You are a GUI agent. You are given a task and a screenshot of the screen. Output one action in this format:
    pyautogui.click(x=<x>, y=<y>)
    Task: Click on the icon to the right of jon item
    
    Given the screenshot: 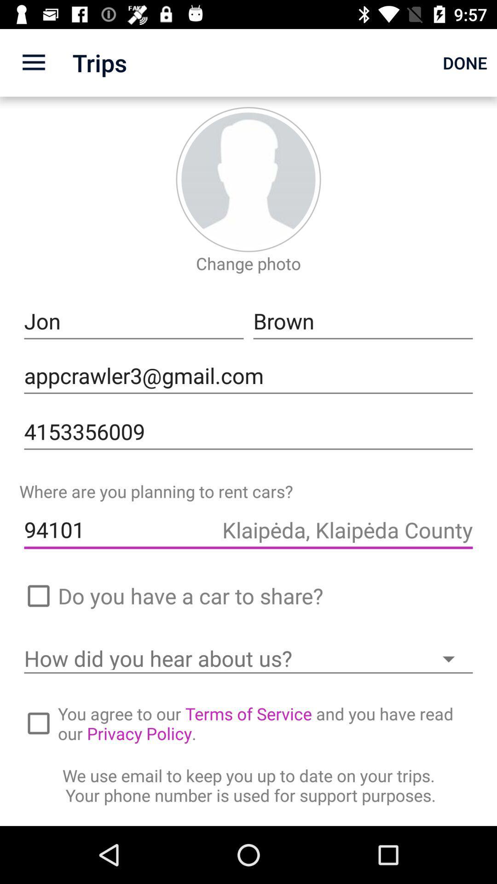 What is the action you would take?
    pyautogui.click(x=363, y=321)
    